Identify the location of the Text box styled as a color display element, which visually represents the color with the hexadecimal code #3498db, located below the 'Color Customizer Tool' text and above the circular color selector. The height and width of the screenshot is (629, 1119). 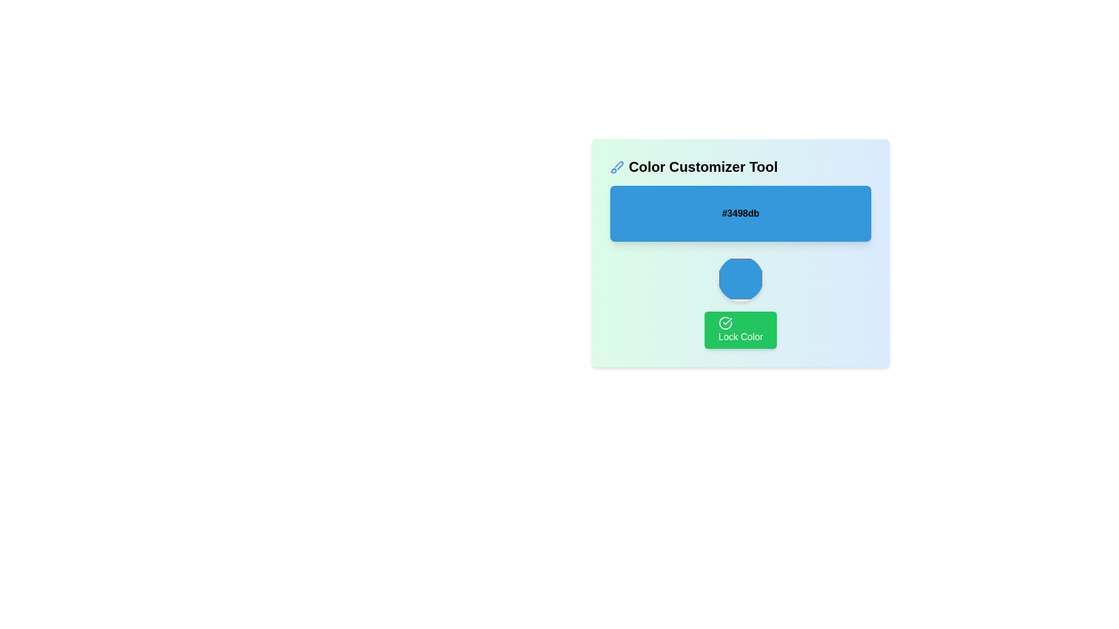
(740, 213).